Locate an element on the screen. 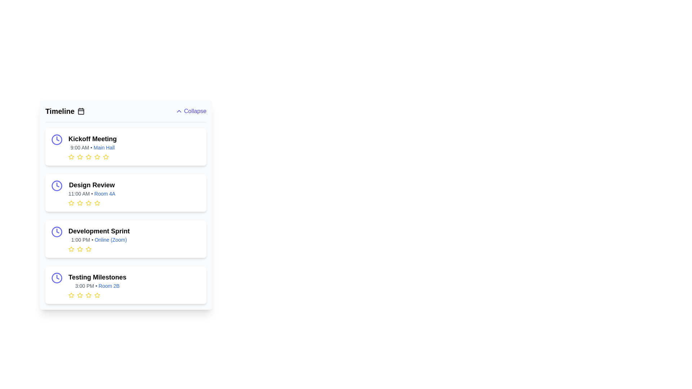 The image size is (692, 389). the leftmost rating star in the third entry of the timeline list for the 'Development Sprint' event is located at coordinates (71, 249).